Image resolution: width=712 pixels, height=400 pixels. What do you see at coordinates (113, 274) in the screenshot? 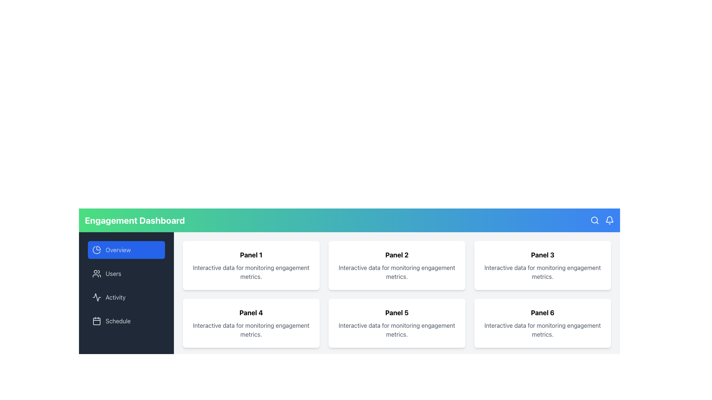
I see `the 'Users' text label in the vertical navigation menu` at bounding box center [113, 274].